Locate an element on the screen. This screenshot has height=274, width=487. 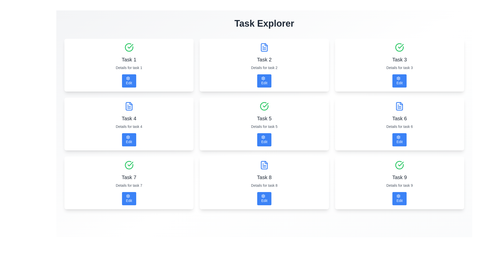
the completion icon located in the top left corner of the task card for 'Task 5', which indicates that the task has been completed or is in a confirmed state is located at coordinates (264, 106).